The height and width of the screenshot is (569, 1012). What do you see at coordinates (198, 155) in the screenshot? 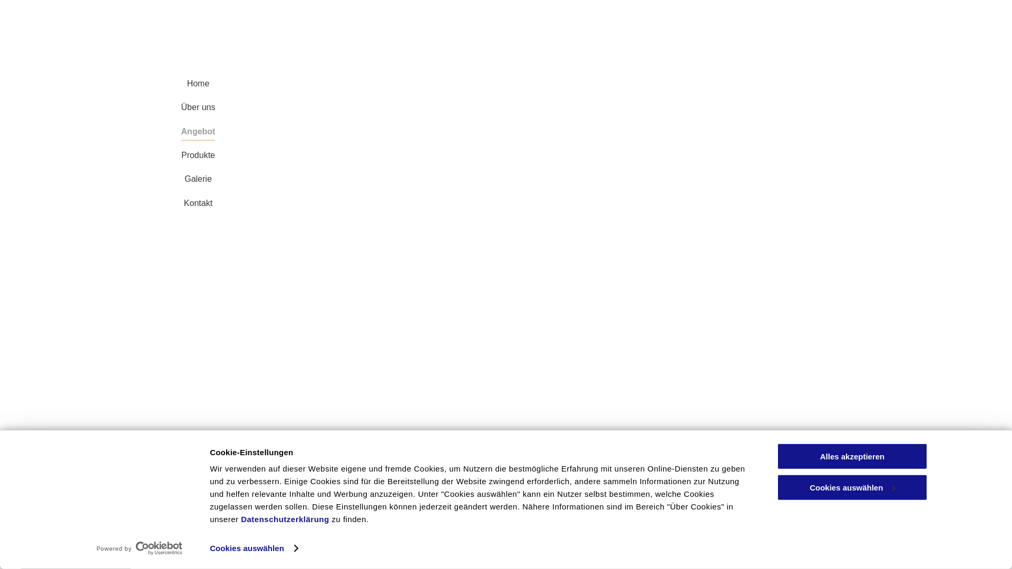
I see `'Produkte'` at bounding box center [198, 155].